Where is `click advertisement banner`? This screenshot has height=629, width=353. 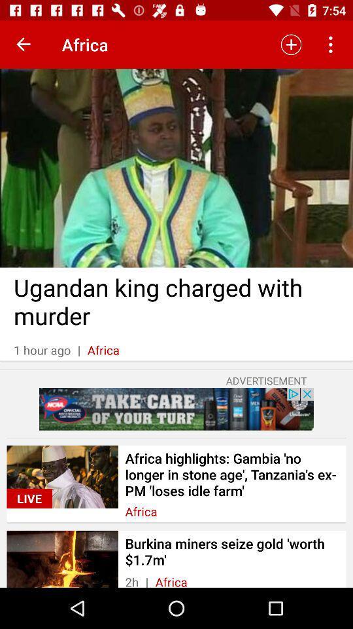 click advertisement banner is located at coordinates (176, 408).